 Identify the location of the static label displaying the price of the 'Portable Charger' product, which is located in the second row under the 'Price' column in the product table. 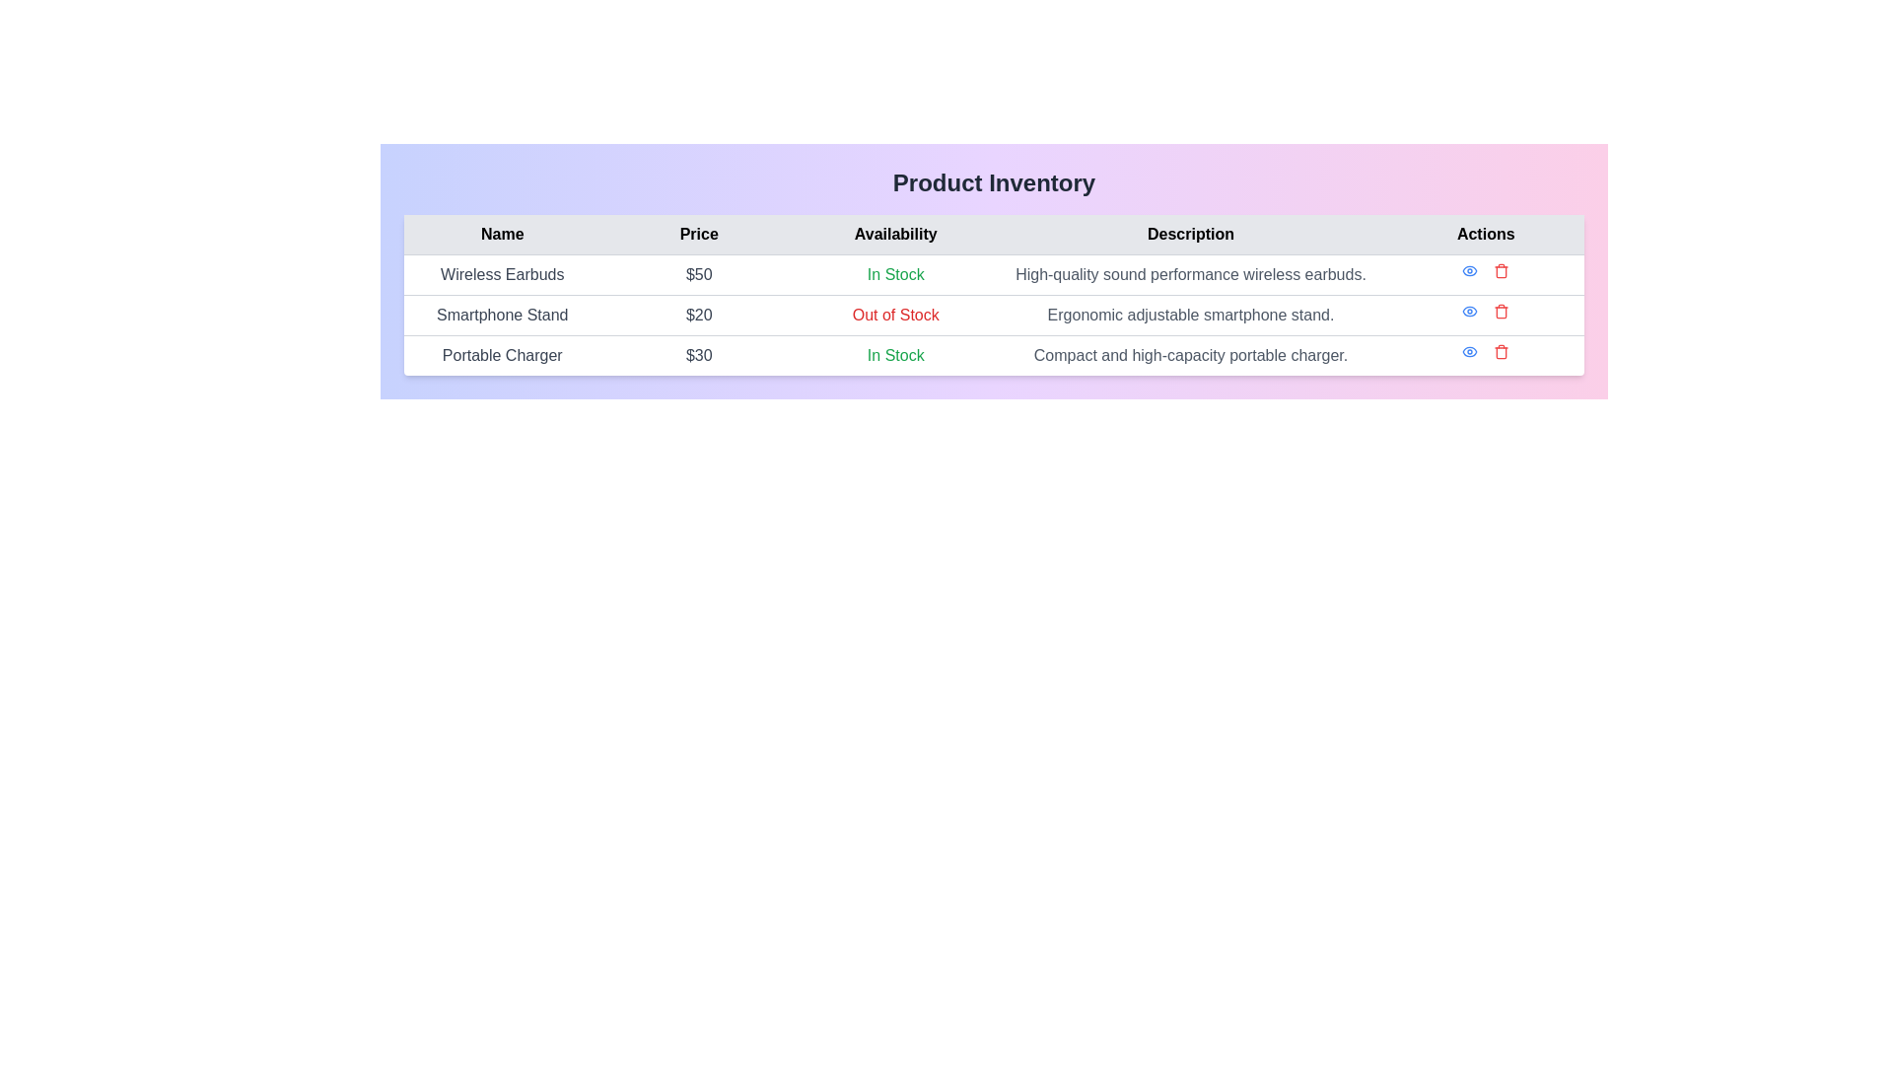
(699, 355).